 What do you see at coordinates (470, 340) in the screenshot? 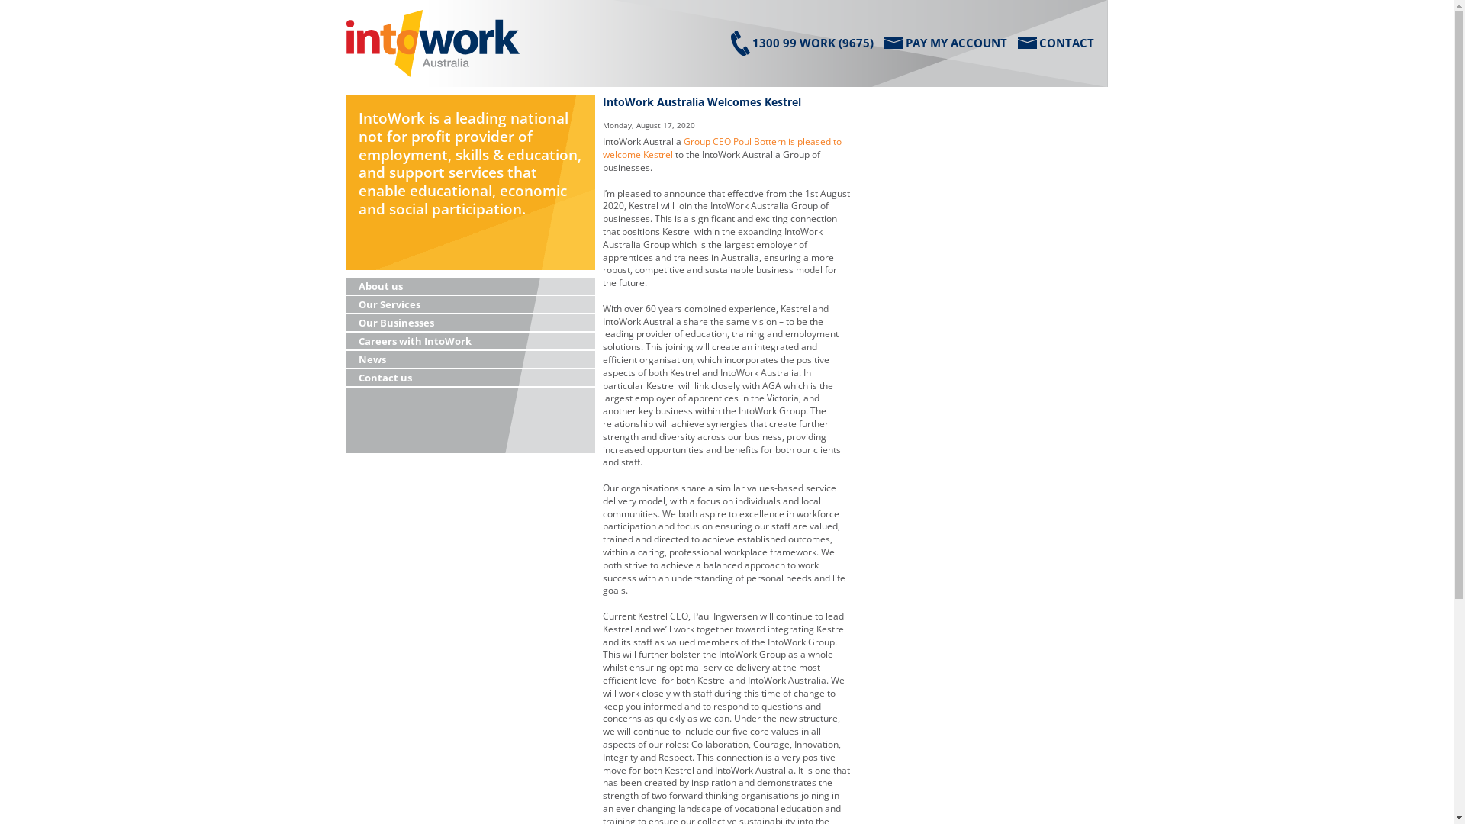
I see `'Careers with IntoWork'` at bounding box center [470, 340].